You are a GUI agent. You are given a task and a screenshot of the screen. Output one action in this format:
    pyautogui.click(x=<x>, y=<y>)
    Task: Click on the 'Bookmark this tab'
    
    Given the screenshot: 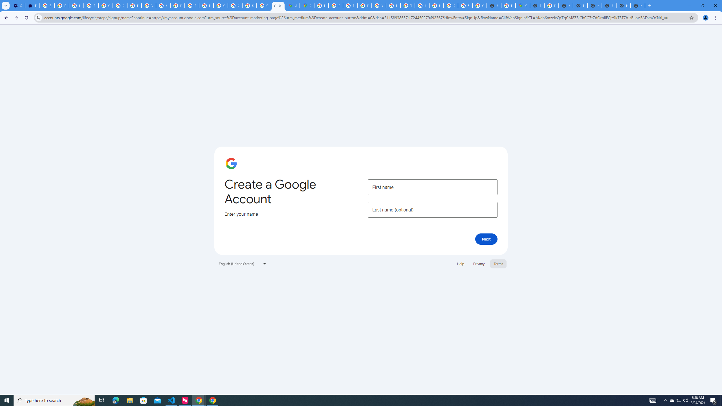 What is the action you would take?
    pyautogui.click(x=691, y=17)
    